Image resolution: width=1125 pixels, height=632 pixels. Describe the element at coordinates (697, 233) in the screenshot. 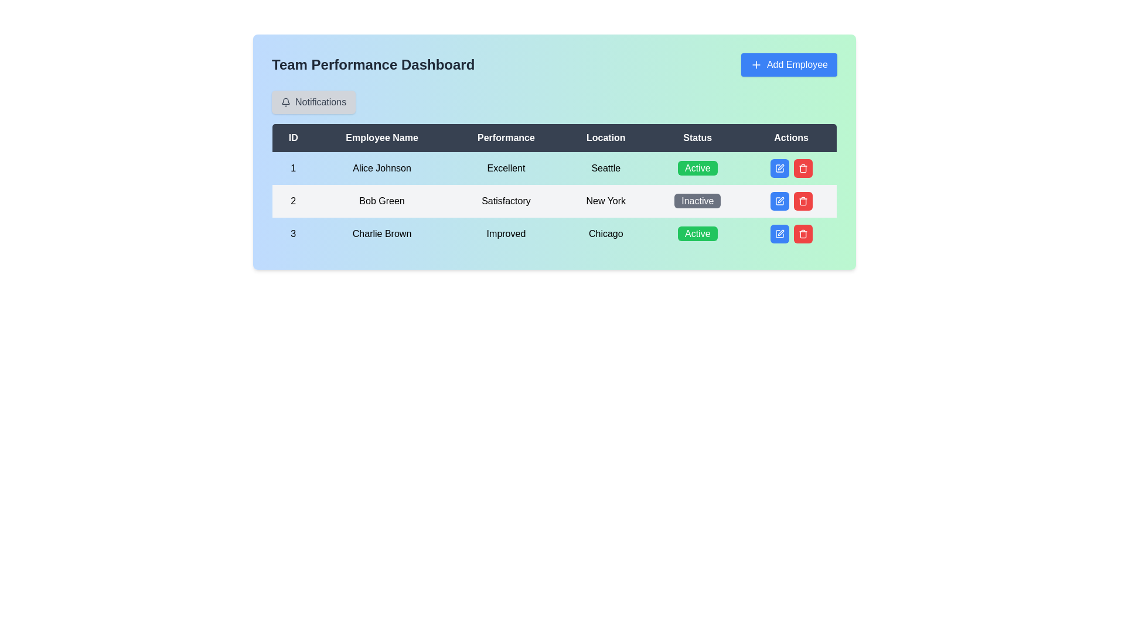

I see `the green rounded rectangle label with the word 'Active' in white, located in the 'Status' column for 'Charlie Brown' in the third row of the table` at that location.